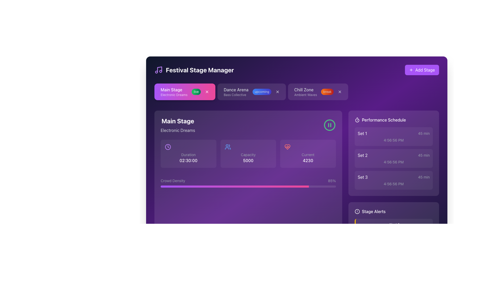 The height and width of the screenshot is (281, 500). I want to click on the purple stroke circle component of the clock icon located in the 'Duration' section of the 'Main Stage' panel, so click(168, 147).